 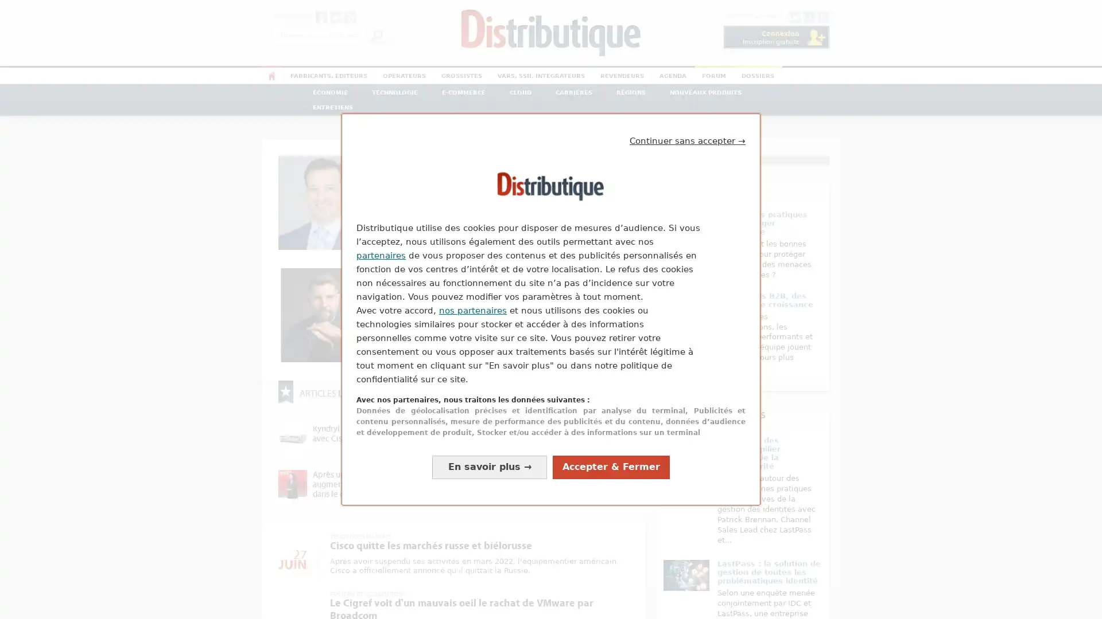 I want to click on Configurer vos consentements, so click(x=490, y=467).